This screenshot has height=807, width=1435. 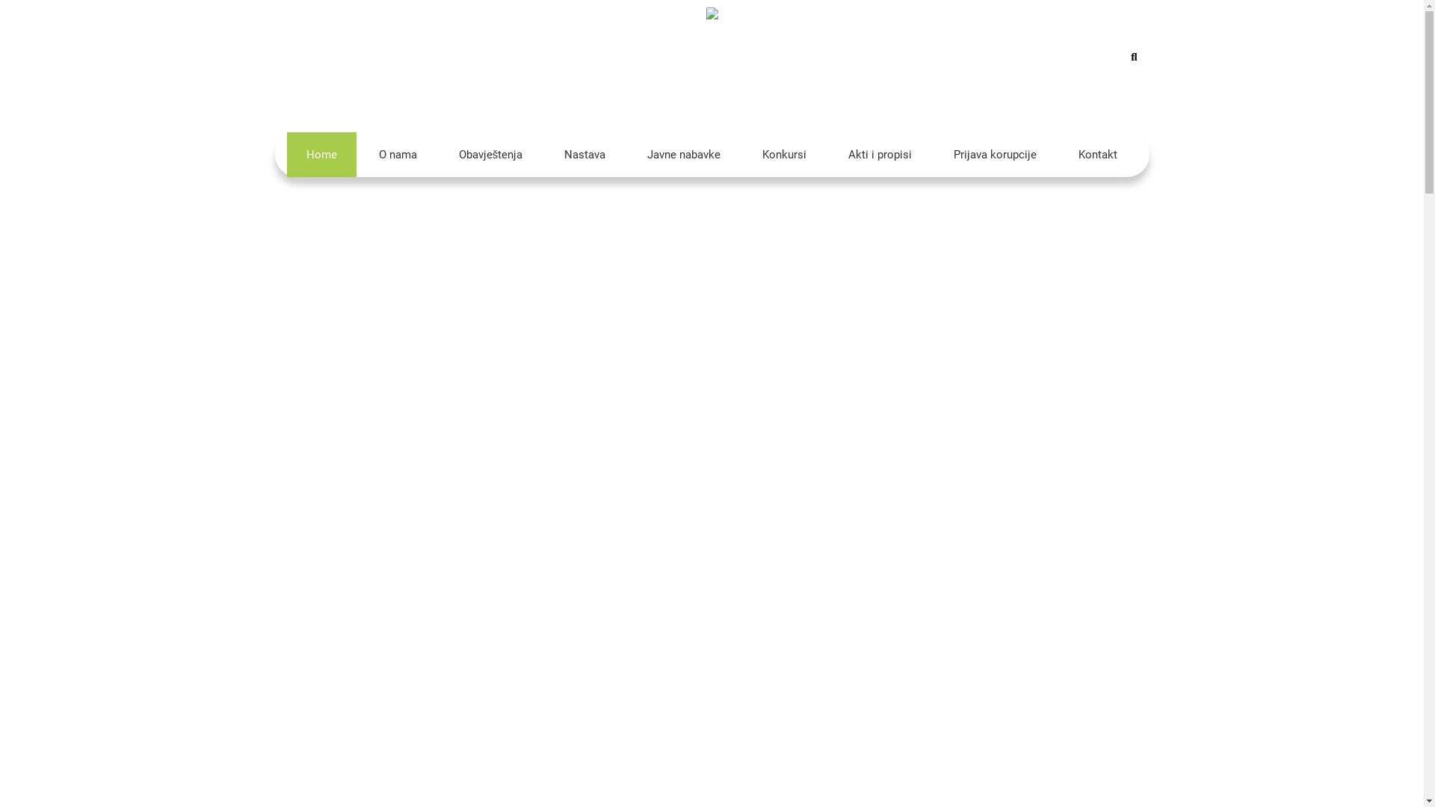 What do you see at coordinates (584, 155) in the screenshot?
I see `'Nastava'` at bounding box center [584, 155].